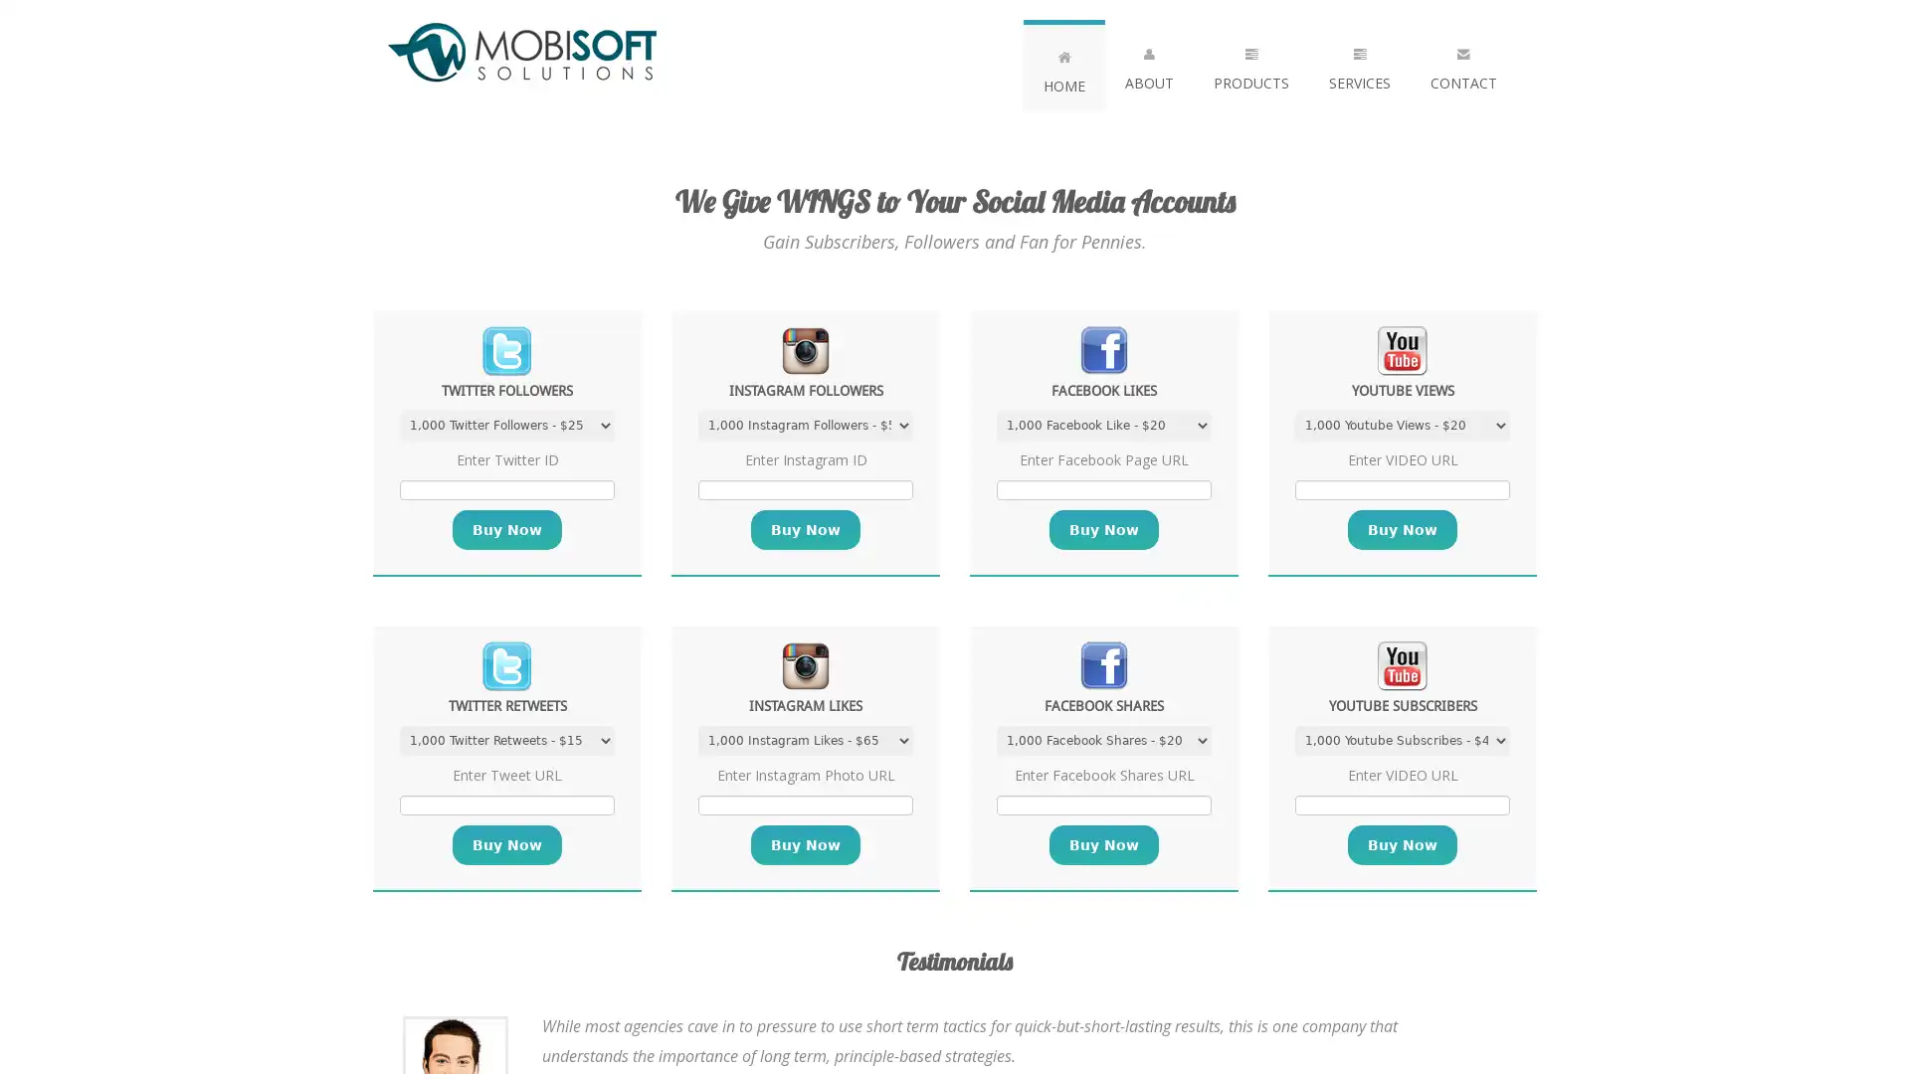  Describe the element at coordinates (506, 528) in the screenshot. I see `Buy Now` at that location.